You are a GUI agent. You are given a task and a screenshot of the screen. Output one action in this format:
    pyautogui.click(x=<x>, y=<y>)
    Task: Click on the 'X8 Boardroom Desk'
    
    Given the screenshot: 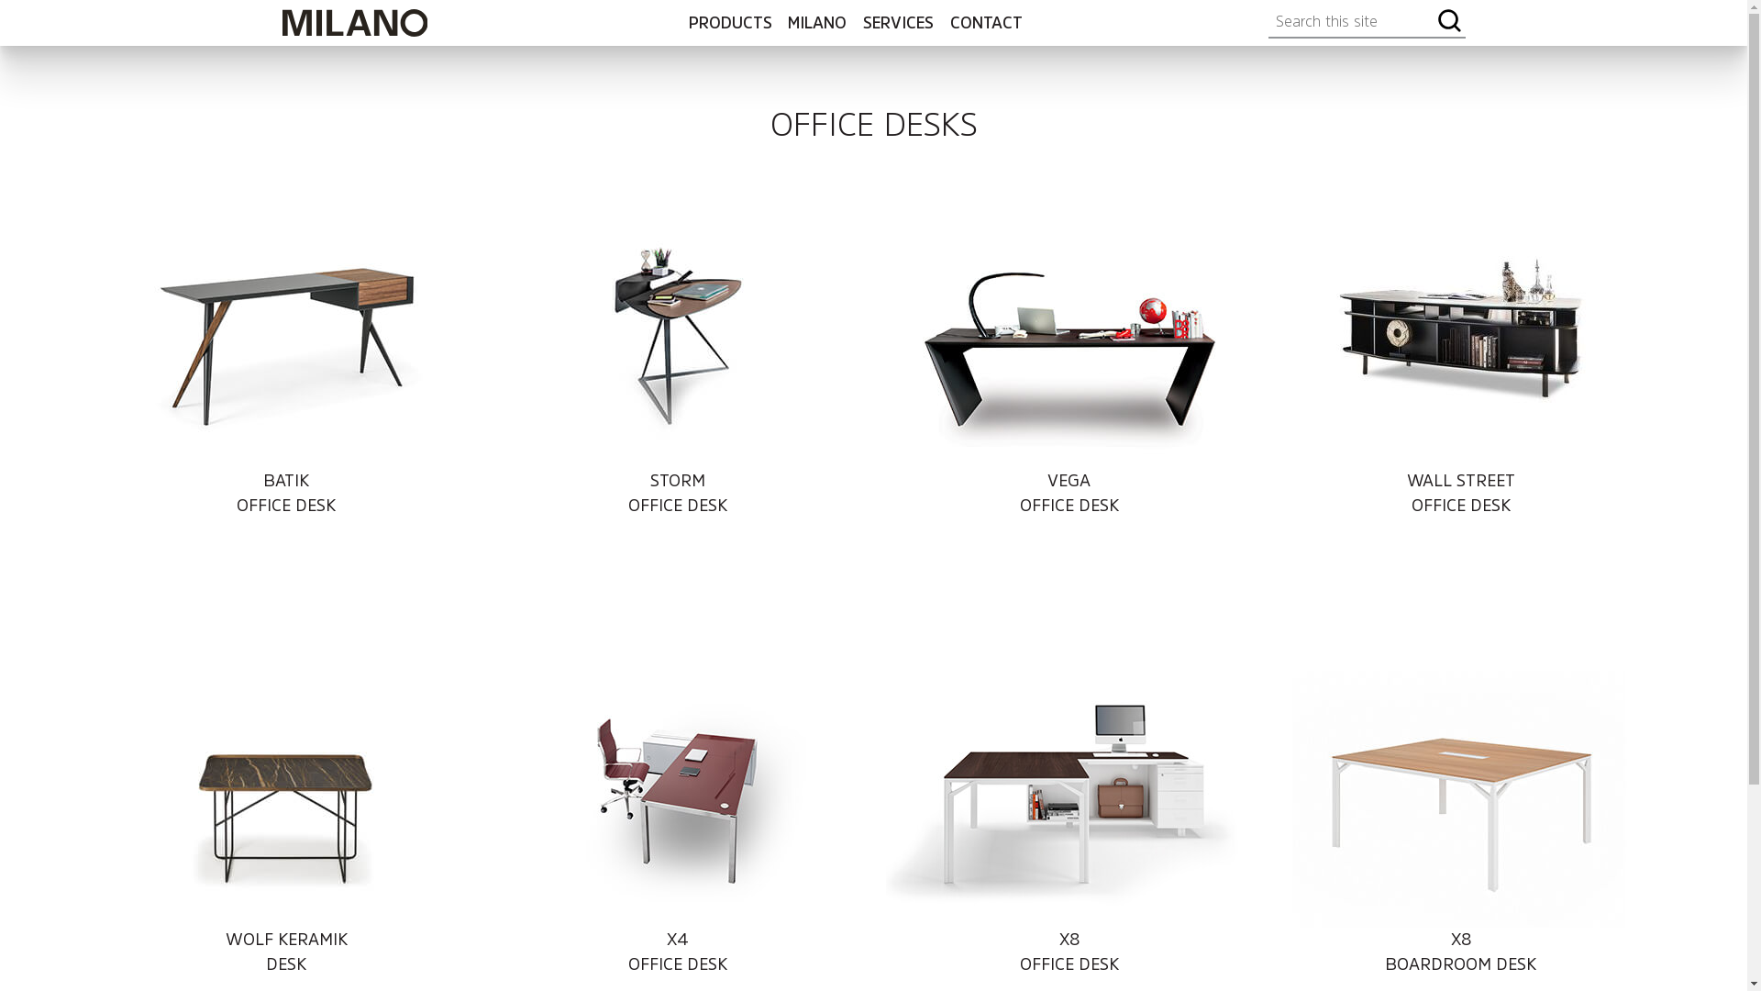 What is the action you would take?
    pyautogui.click(x=1460, y=743)
    